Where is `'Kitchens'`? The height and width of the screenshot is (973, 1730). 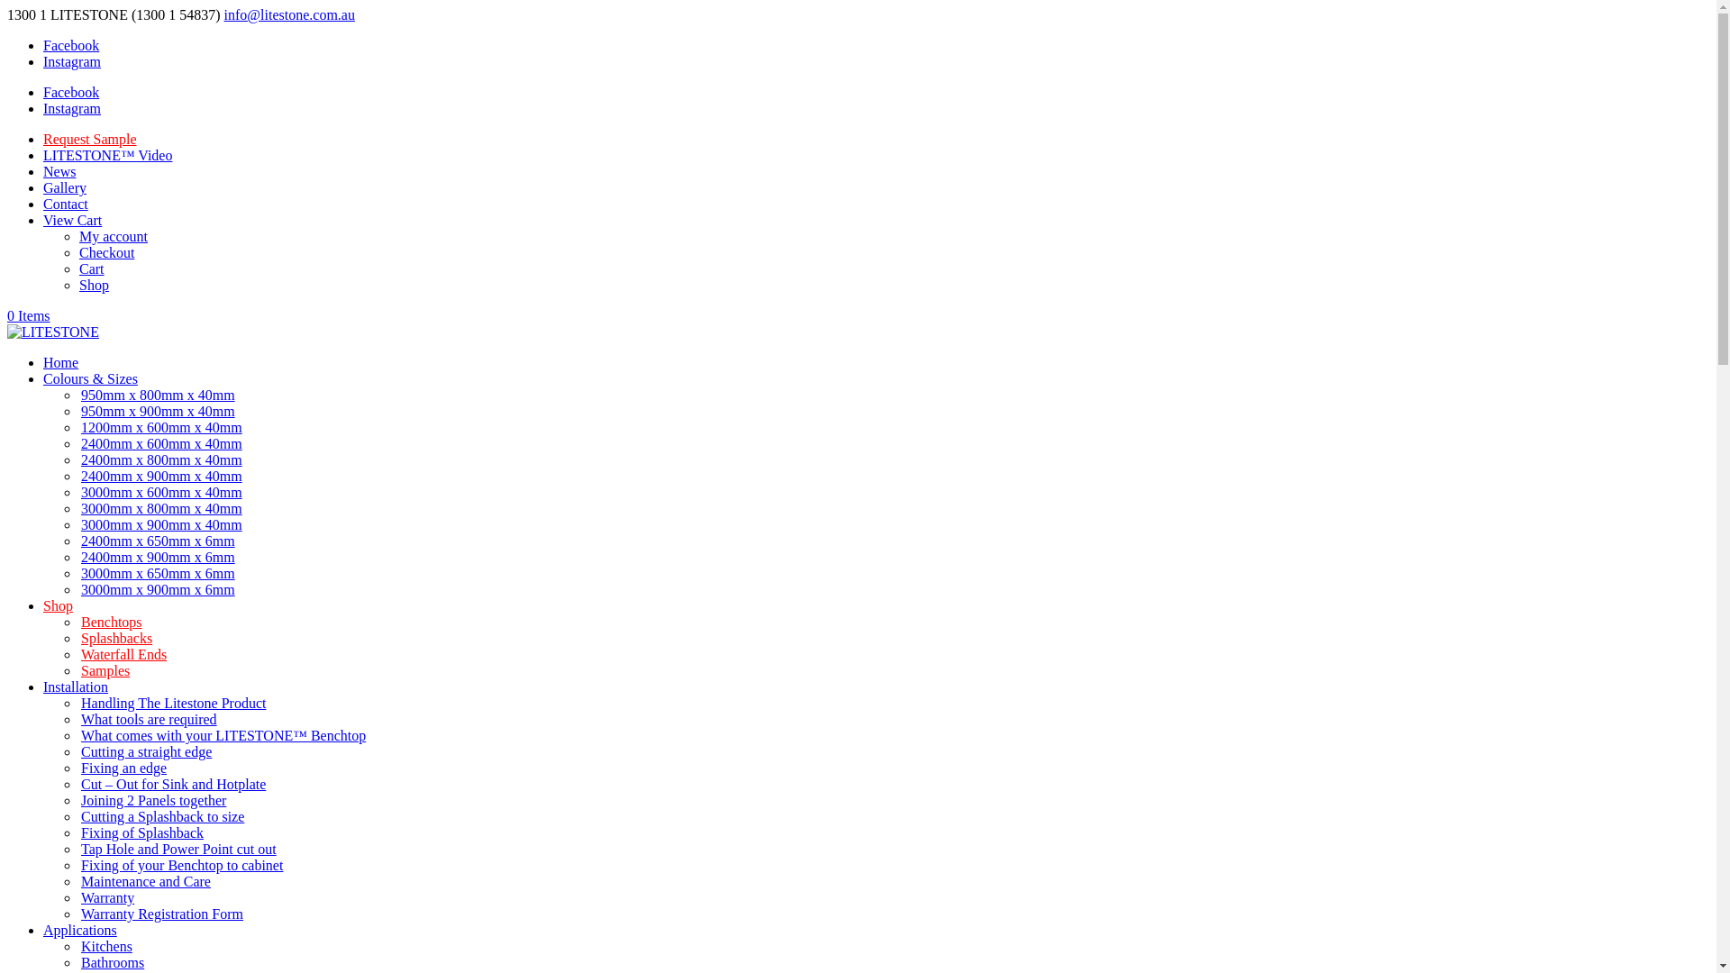
'Kitchens' is located at coordinates (105, 945).